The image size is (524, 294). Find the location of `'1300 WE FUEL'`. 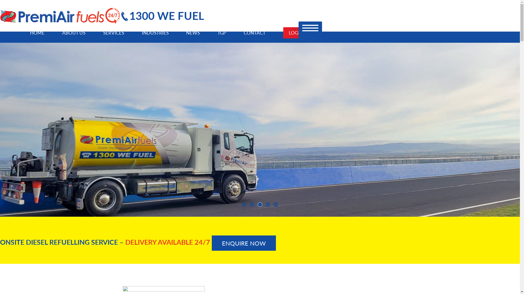

'1300 WE FUEL' is located at coordinates (162, 15).